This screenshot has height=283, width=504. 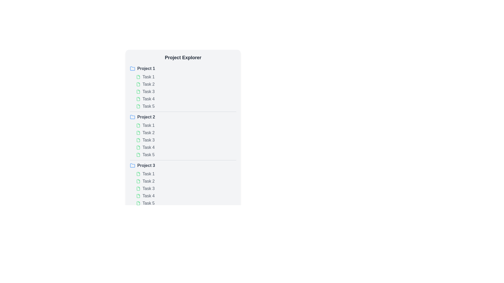 I want to click on the small blue folder icon representing a directory in the 'Project Explorer', which is the first component in the row labeled 'Project 3', so click(x=132, y=166).